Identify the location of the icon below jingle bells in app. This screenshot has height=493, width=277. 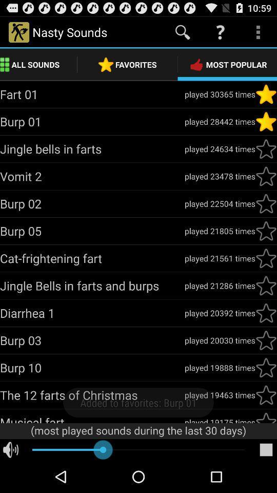
(92, 312).